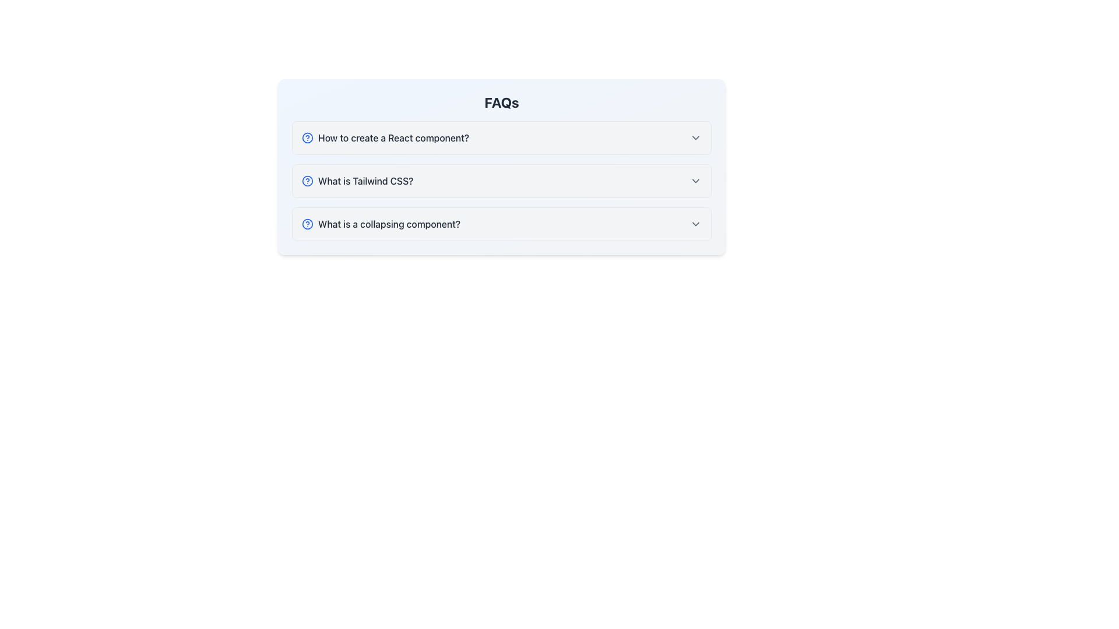 The width and height of the screenshot is (1119, 629). Describe the element at coordinates (501, 137) in the screenshot. I see `the first FAQ item in the list` at that location.